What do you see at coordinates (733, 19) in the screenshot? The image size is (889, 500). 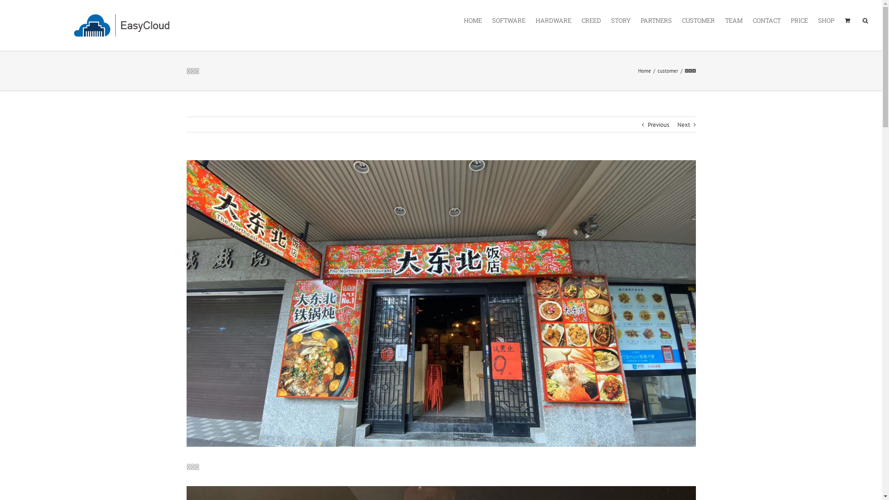 I see `'TEAM'` at bounding box center [733, 19].